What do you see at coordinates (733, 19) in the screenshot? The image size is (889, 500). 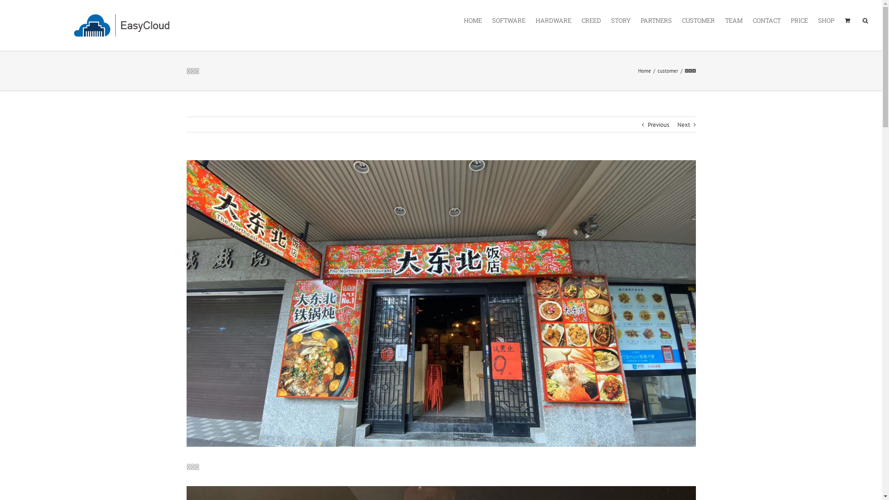 I see `'TEAM'` at bounding box center [733, 19].